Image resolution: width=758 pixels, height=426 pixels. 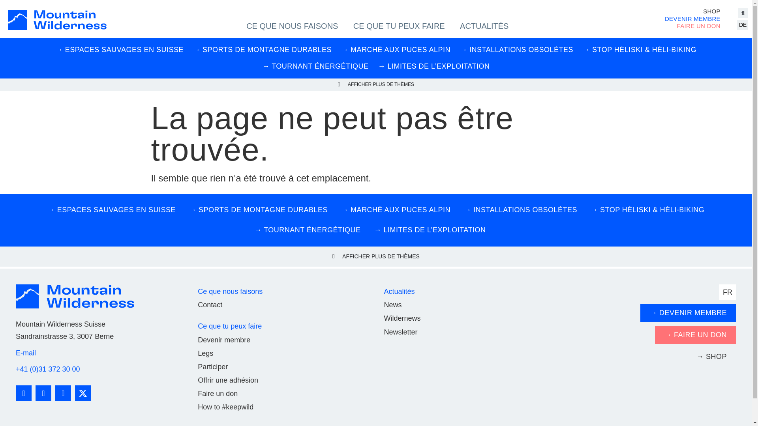 I want to click on 'News', so click(x=392, y=304).